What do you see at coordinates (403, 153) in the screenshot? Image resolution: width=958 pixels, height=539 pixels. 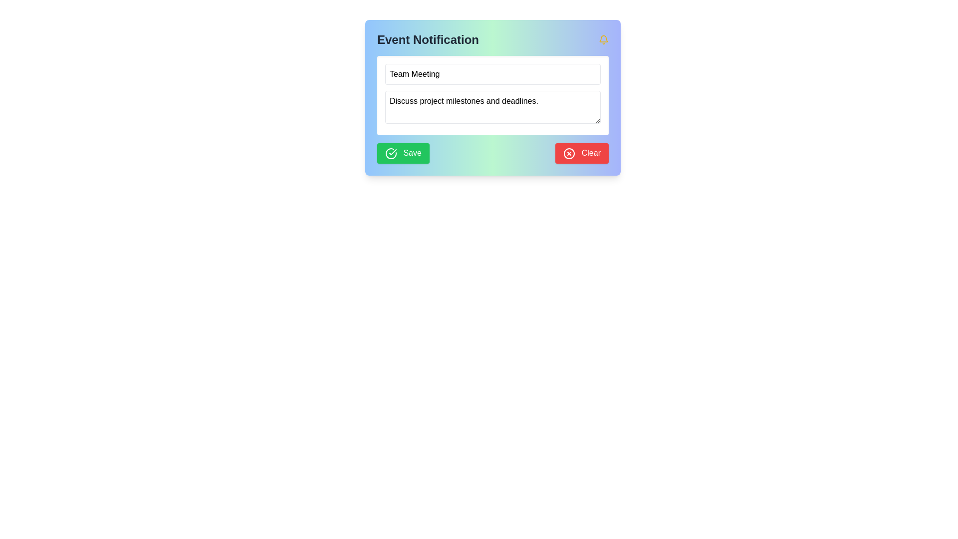 I see `the green 'Save' button with a white checkmark icon` at bounding box center [403, 153].